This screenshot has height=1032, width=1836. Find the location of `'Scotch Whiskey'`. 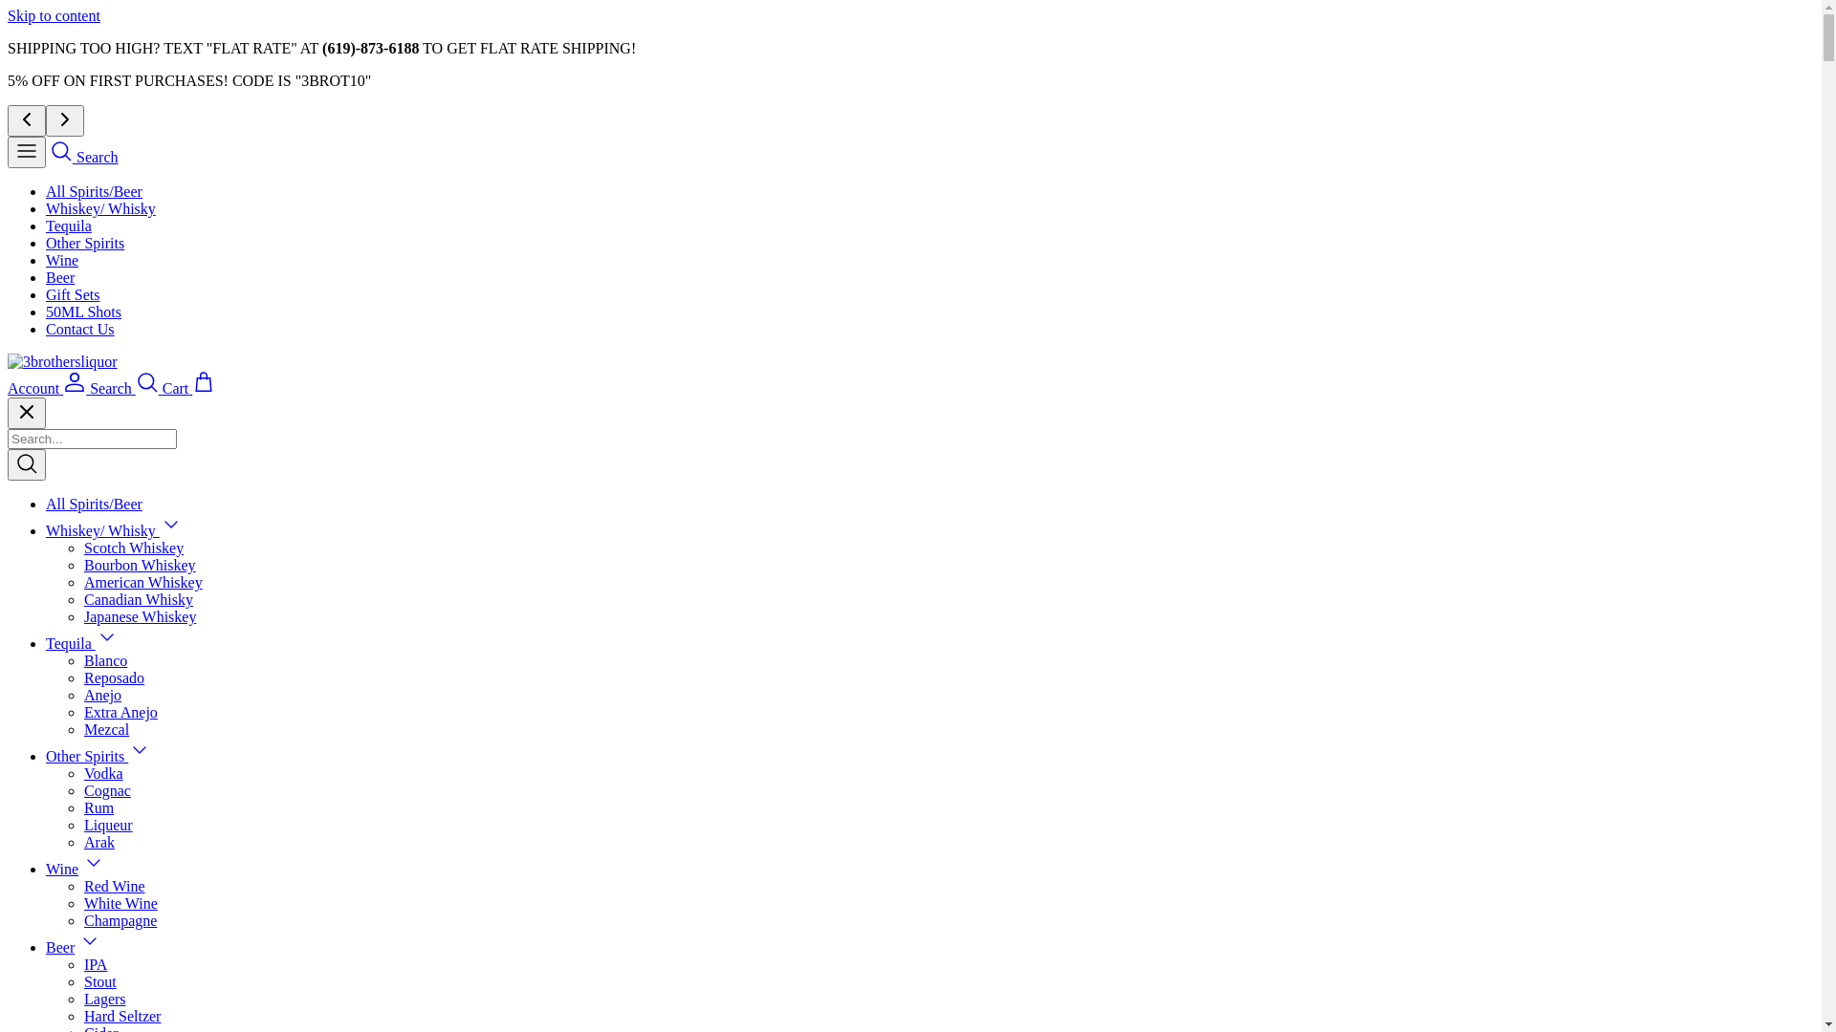

'Scotch Whiskey' is located at coordinates (132, 548).